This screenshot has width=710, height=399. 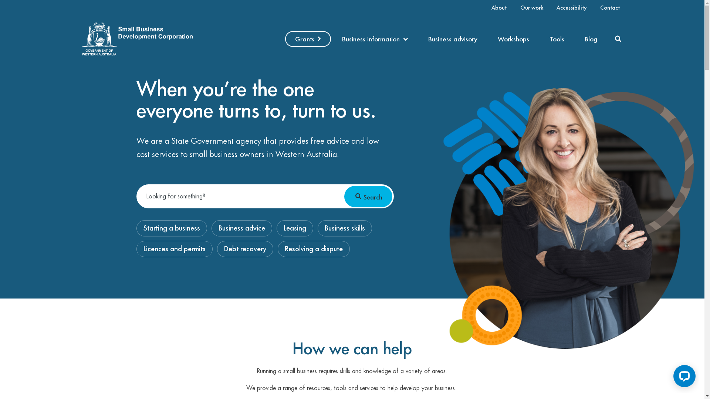 What do you see at coordinates (344, 228) in the screenshot?
I see `'Business skills'` at bounding box center [344, 228].